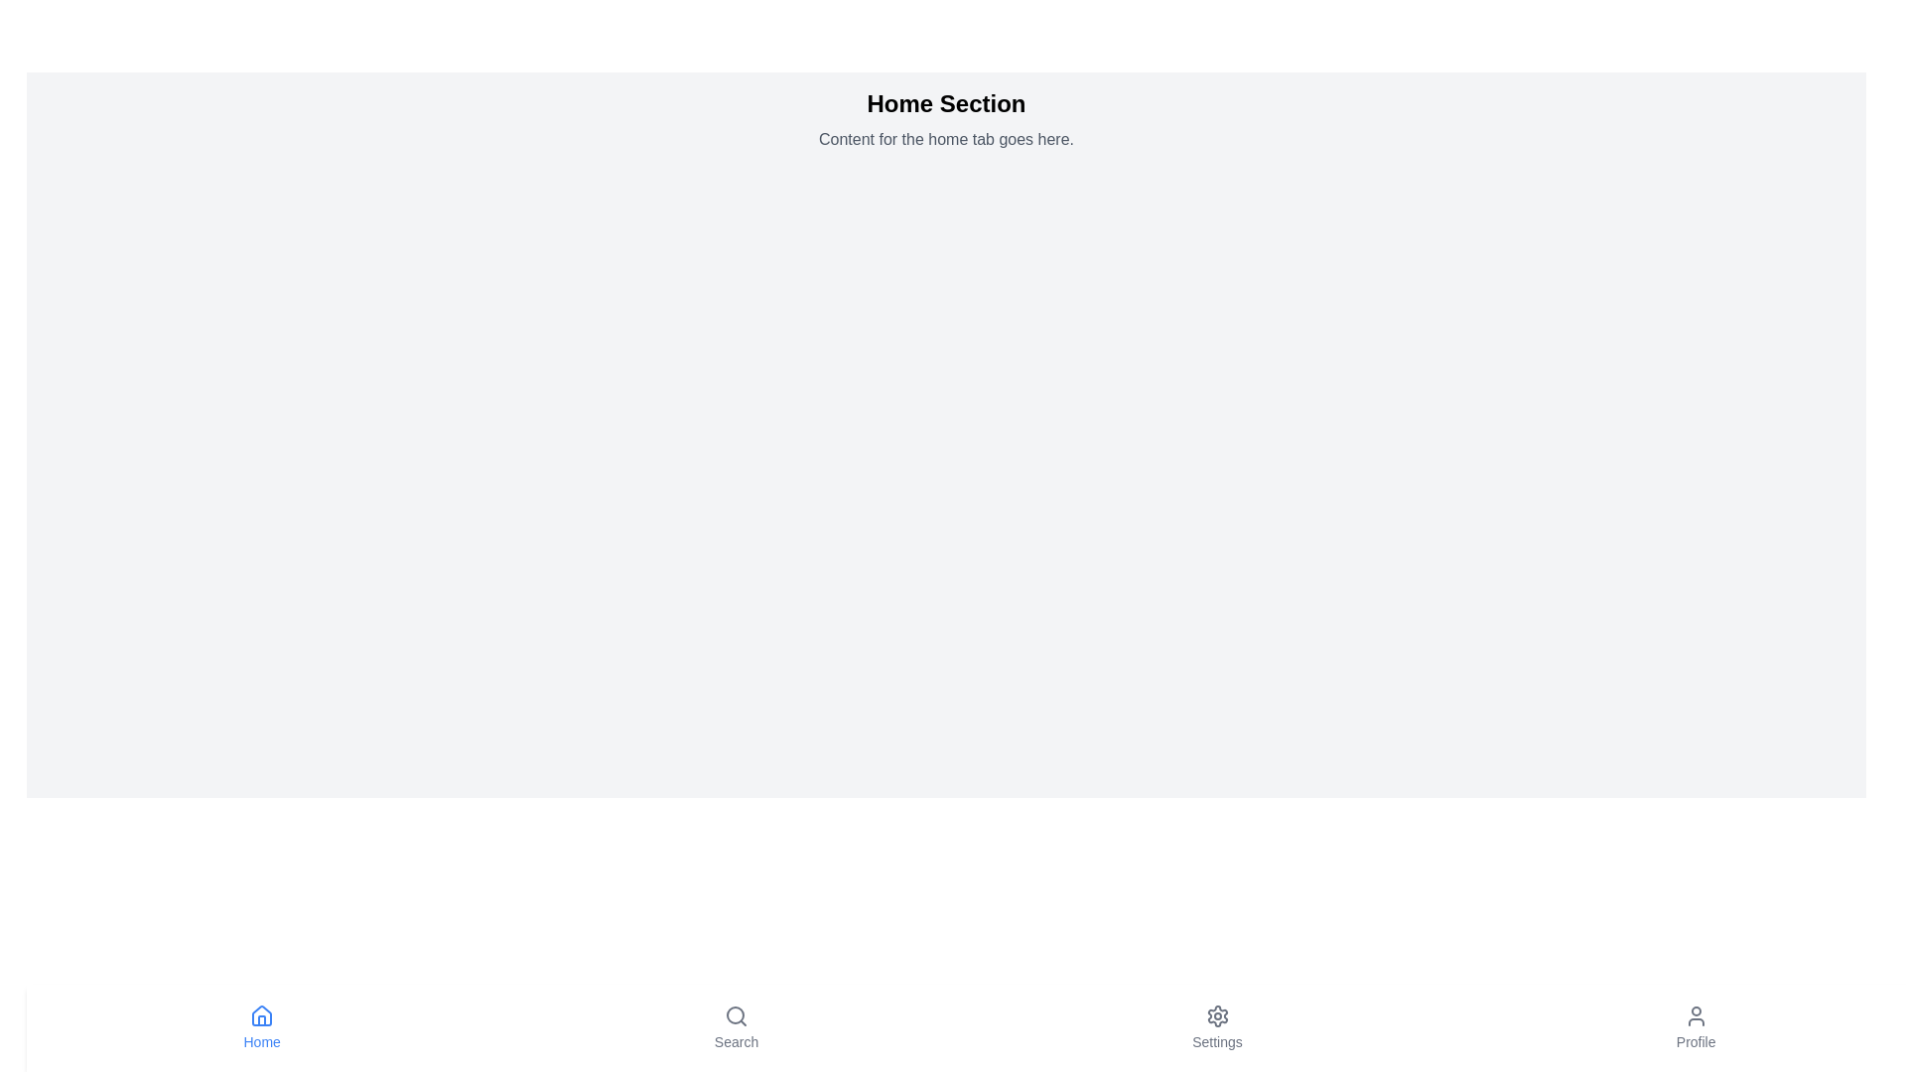 The height and width of the screenshot is (1072, 1906). What do you see at coordinates (1216, 1040) in the screenshot?
I see `the 'Settings' text label located in the lower navigation bar below the gear icon` at bounding box center [1216, 1040].